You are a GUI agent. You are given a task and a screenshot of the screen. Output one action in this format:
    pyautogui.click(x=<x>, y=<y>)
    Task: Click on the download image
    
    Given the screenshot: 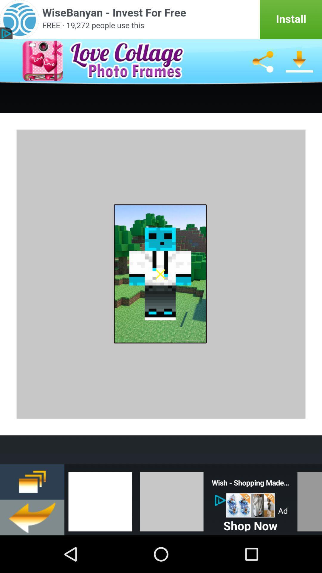 What is the action you would take?
    pyautogui.click(x=300, y=61)
    